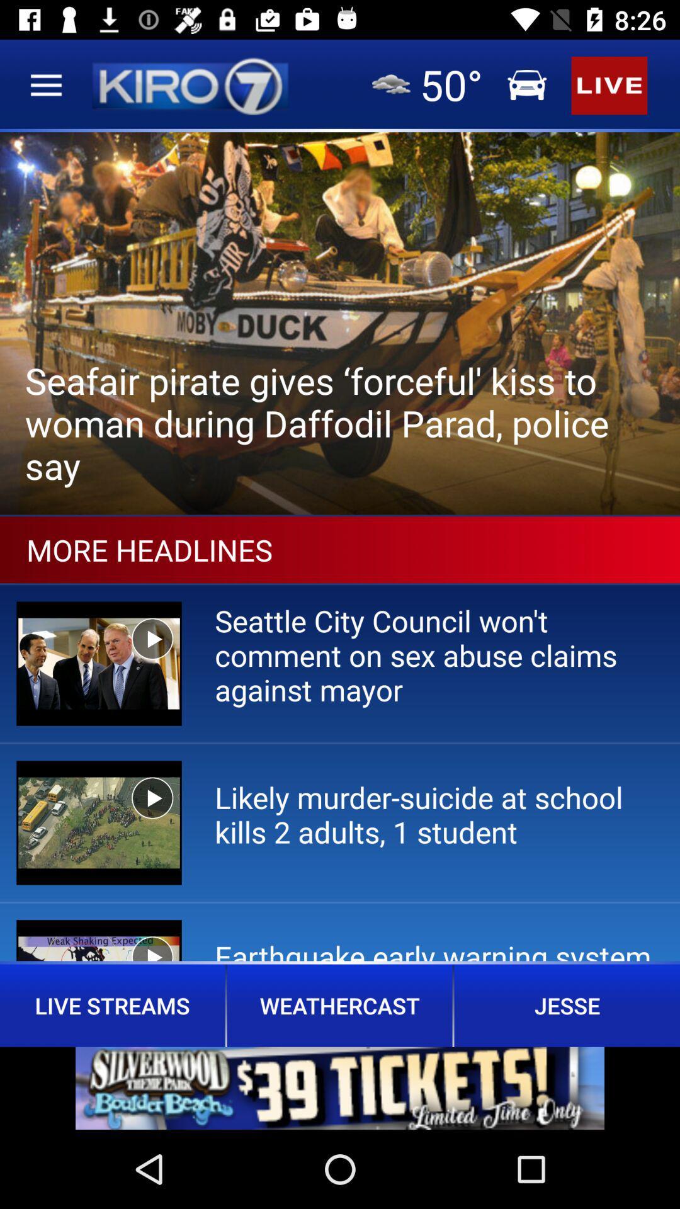  I want to click on the second image in more headlines, so click(98, 822).